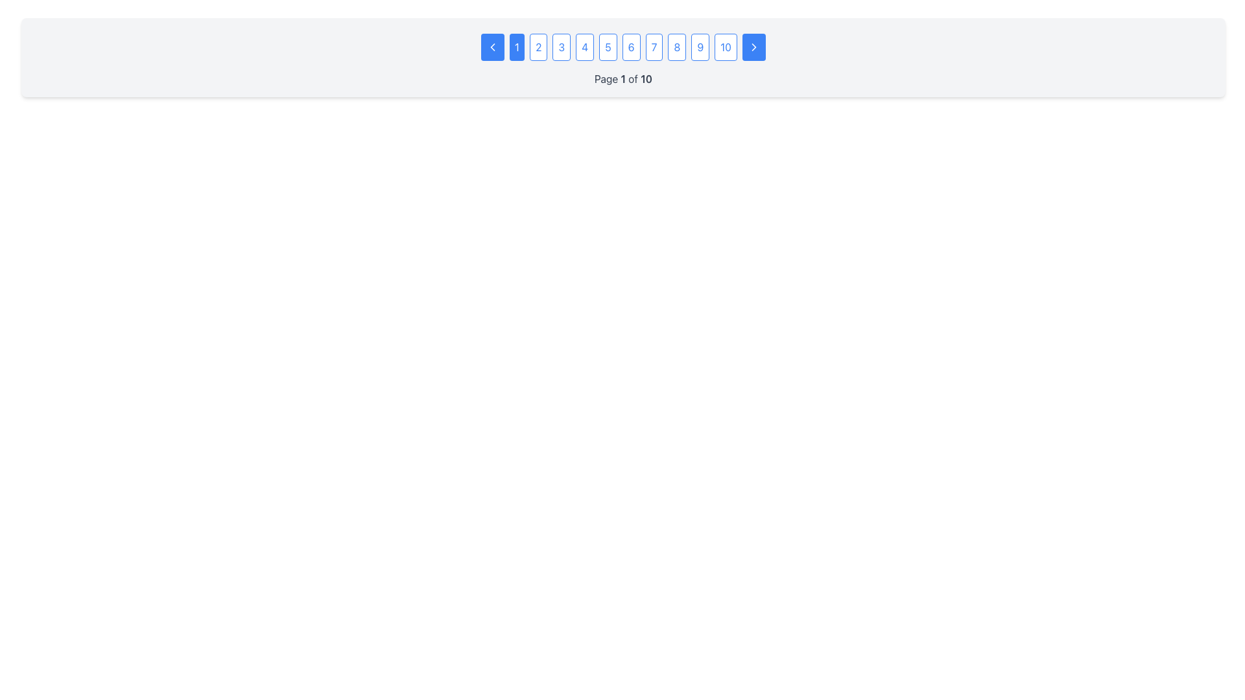 The image size is (1245, 700). Describe the element at coordinates (753, 47) in the screenshot. I see `the chevron icon within the rightmost navigational button in the pagination component` at that location.